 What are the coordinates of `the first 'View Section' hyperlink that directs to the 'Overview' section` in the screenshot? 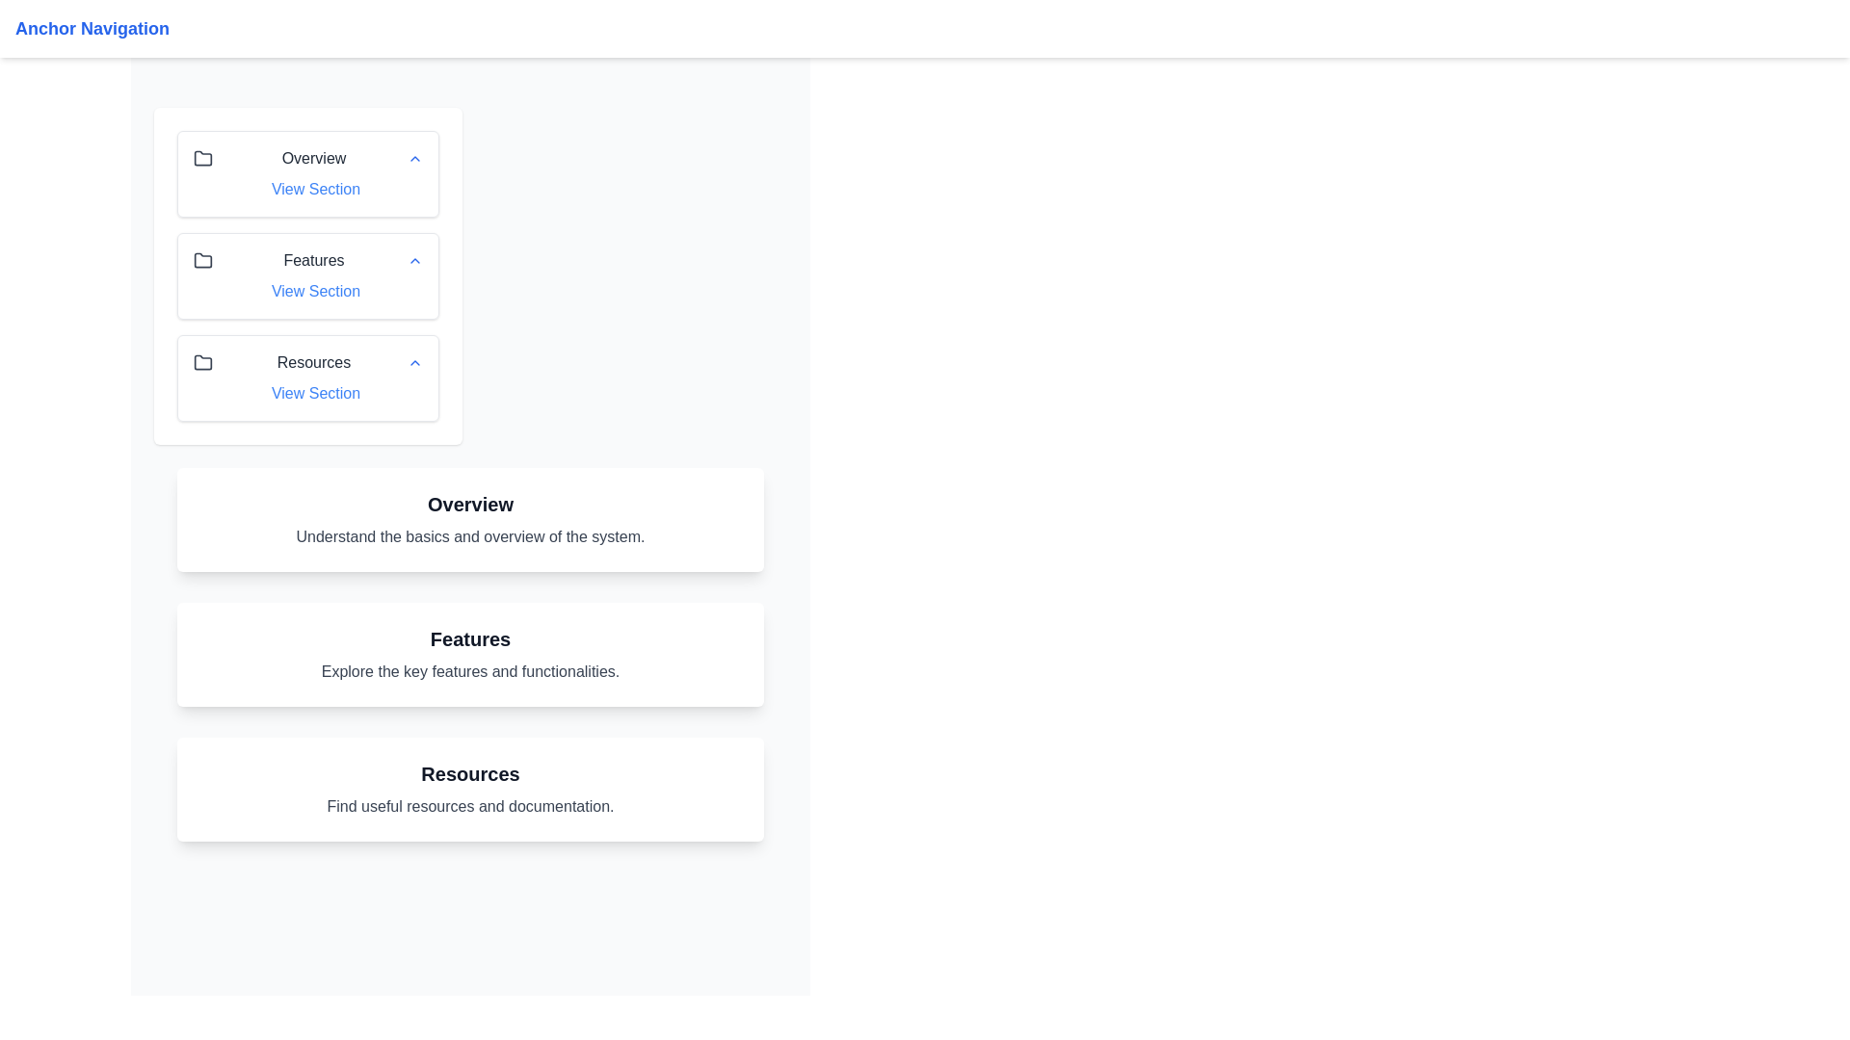 It's located at (315, 189).